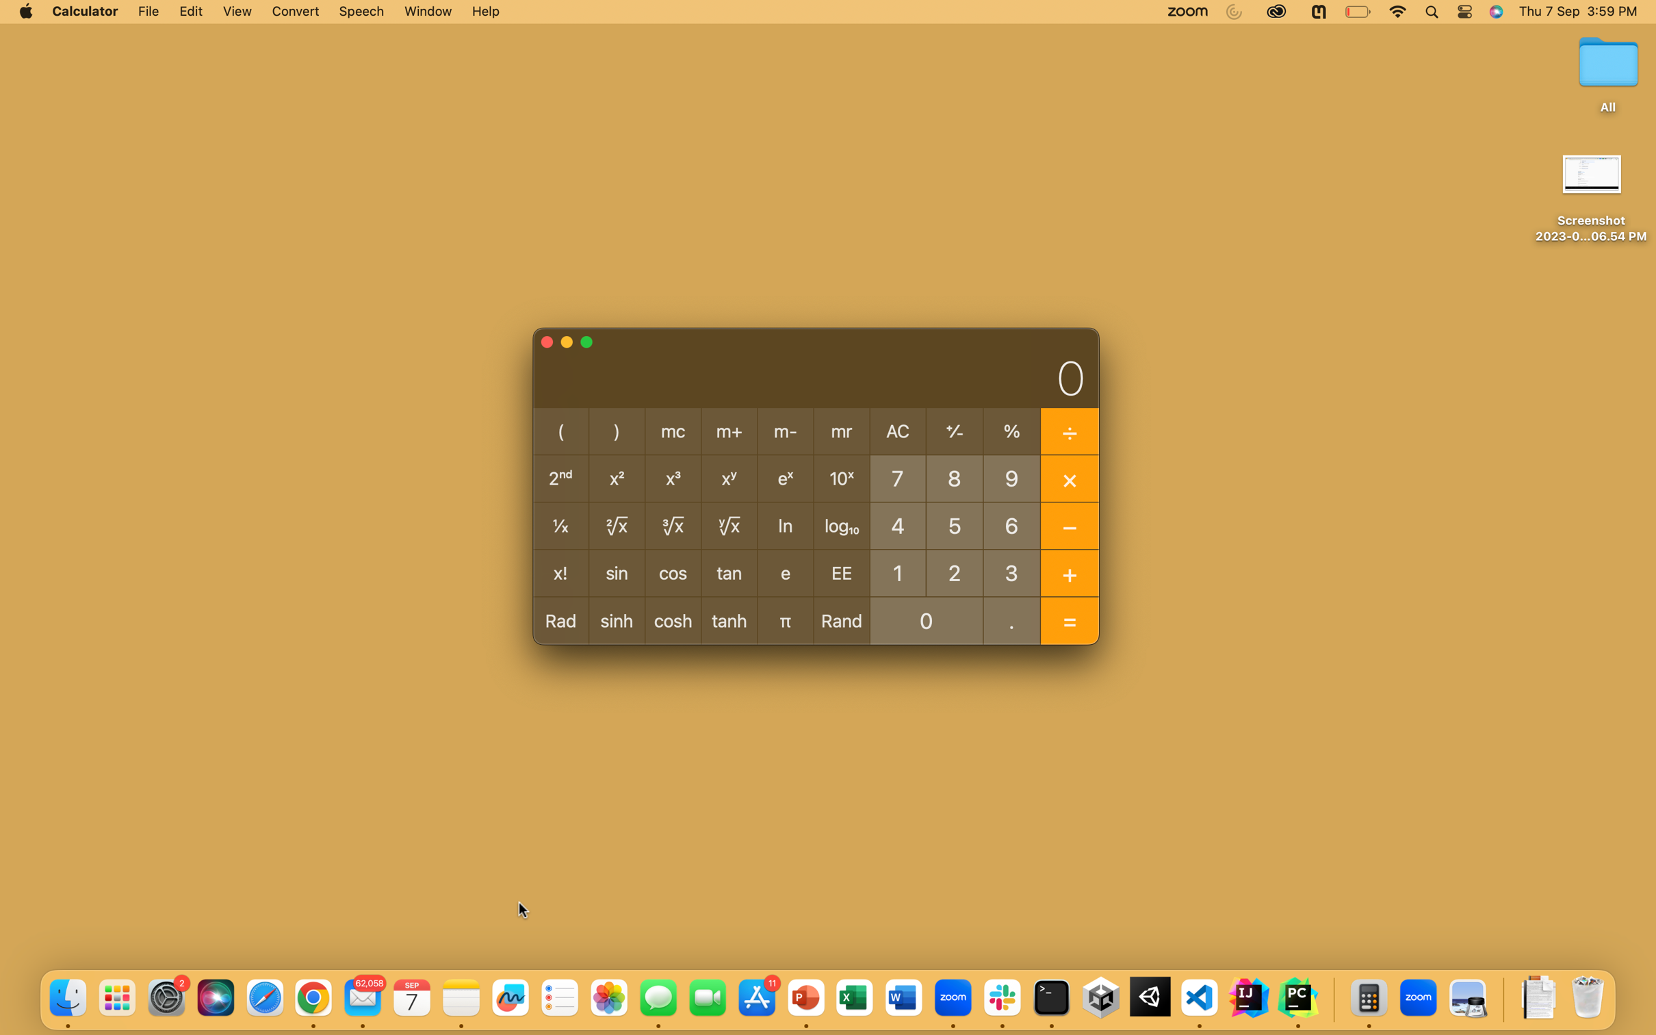 This screenshot has height=1035, width=1656. I want to click on Compute the cos value for a 60 degrees angle, so click(1011, 525).